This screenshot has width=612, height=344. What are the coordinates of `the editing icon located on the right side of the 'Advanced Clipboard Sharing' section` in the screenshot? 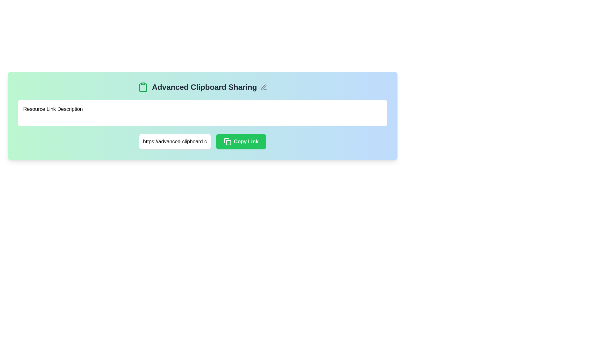 It's located at (264, 87).